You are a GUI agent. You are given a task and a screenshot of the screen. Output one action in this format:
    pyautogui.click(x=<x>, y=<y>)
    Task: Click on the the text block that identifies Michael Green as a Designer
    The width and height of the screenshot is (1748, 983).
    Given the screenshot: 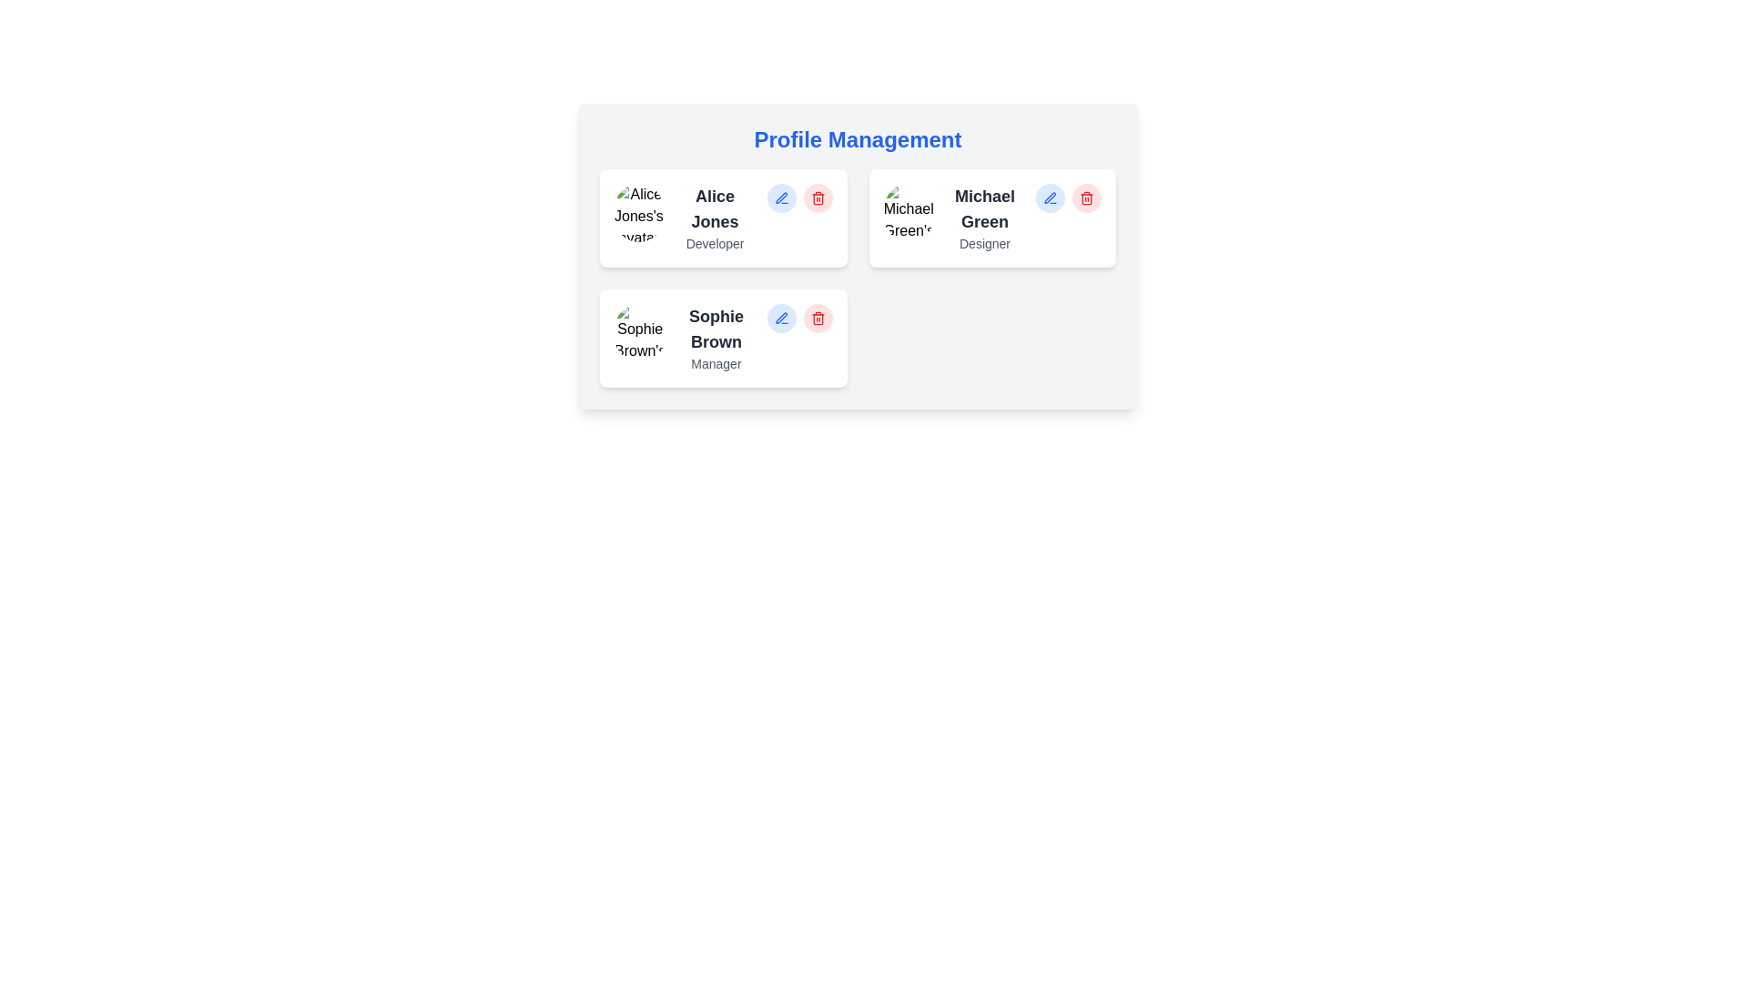 What is the action you would take?
    pyautogui.click(x=984, y=217)
    